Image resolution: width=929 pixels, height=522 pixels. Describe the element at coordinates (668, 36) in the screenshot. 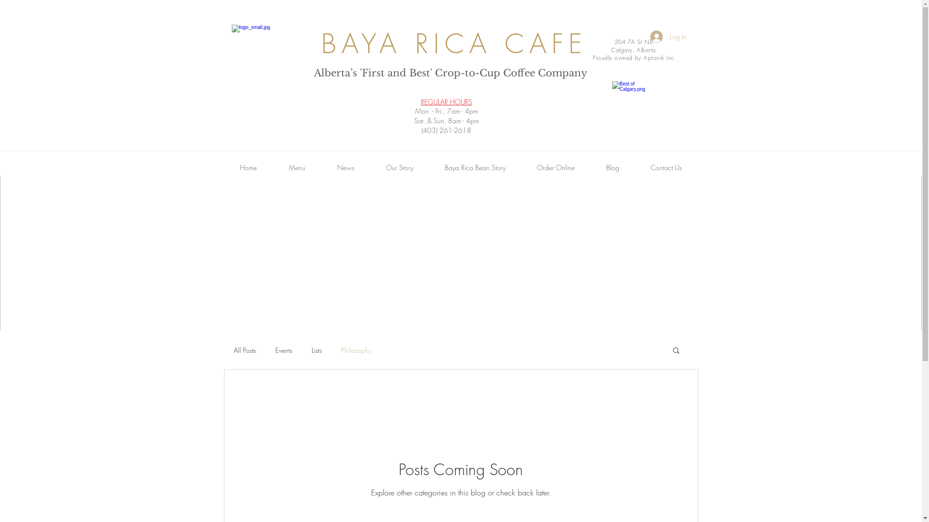

I see `'Log In'` at that location.